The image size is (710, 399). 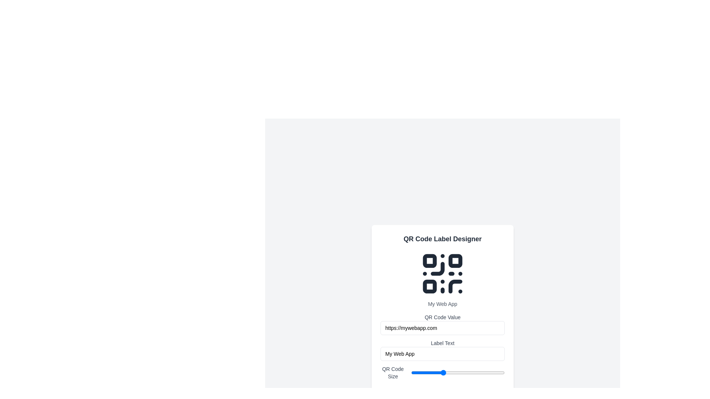 What do you see at coordinates (503, 373) in the screenshot?
I see `the QR Code Size` at bounding box center [503, 373].